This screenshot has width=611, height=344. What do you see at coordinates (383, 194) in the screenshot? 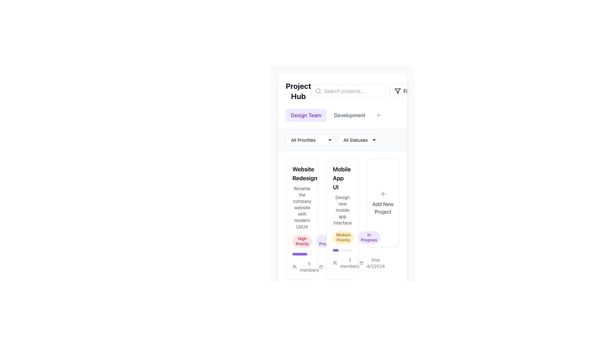
I see `the '+' icon for the 'Add New Project' card` at bounding box center [383, 194].